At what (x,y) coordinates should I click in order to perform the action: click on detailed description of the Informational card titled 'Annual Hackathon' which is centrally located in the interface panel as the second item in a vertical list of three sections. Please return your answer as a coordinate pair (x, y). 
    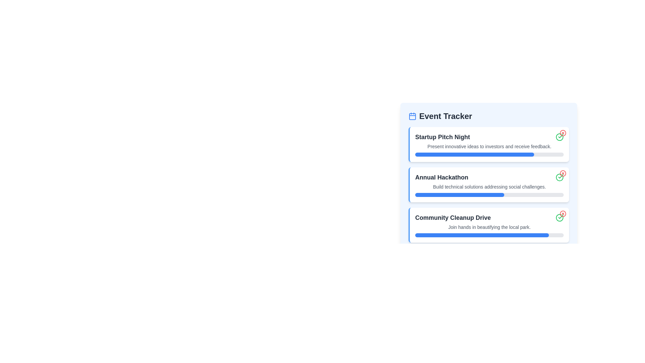
    Looking at the image, I should click on (488, 176).